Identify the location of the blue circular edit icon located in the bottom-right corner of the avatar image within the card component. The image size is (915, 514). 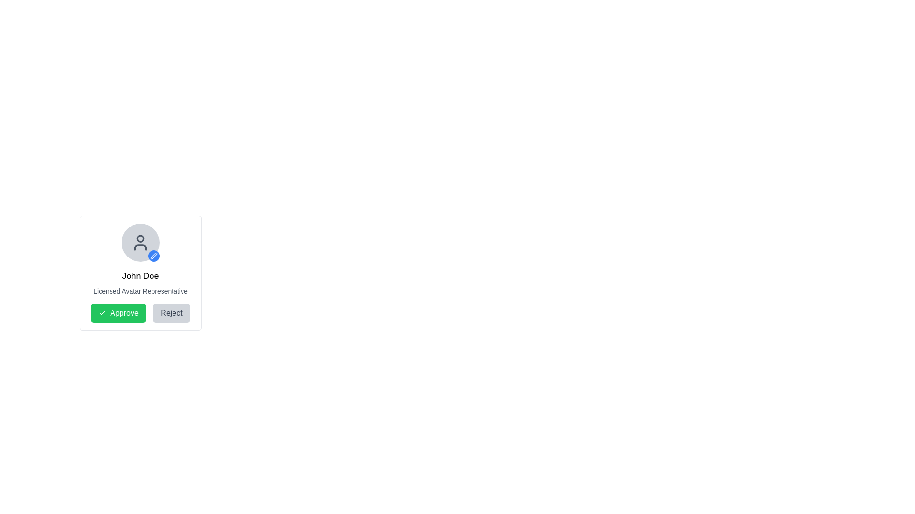
(153, 255).